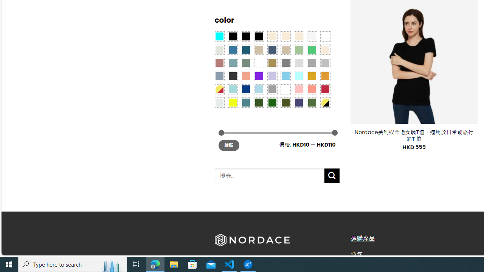  I want to click on 'Dull Nickle', so click(219, 102).